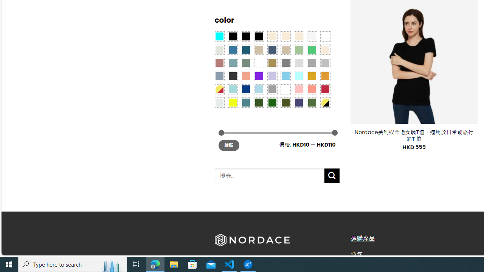  I want to click on 'Dull Nickle', so click(219, 102).